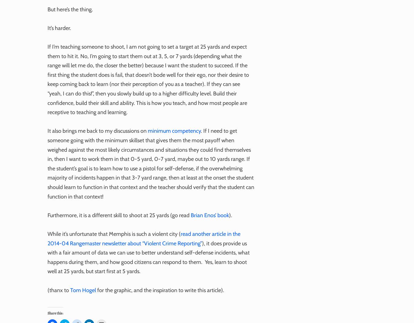  Describe the element at coordinates (82, 290) in the screenshot. I see `'Tom Hogel'` at that location.